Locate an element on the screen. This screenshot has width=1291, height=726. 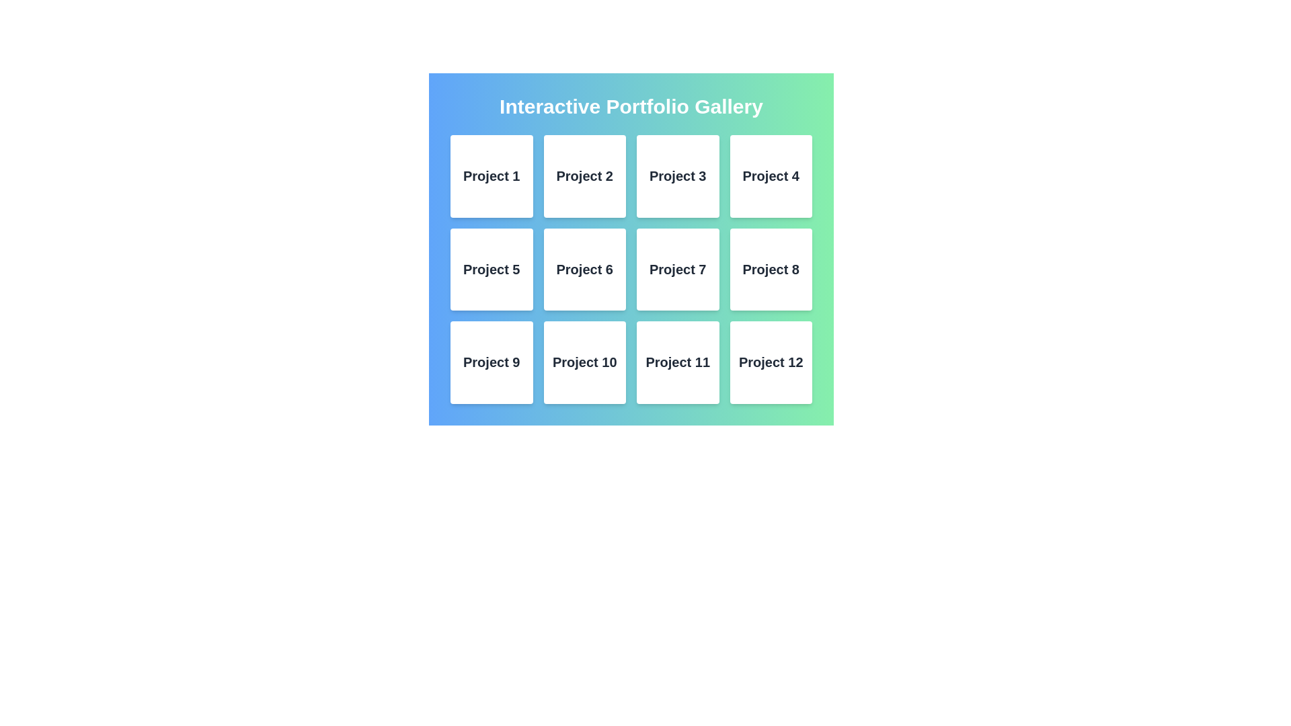
the third card in the last row of the grid layout, which has a white background, rounded corners, and contains the bold text 'Project 11' is located at coordinates (678, 362).